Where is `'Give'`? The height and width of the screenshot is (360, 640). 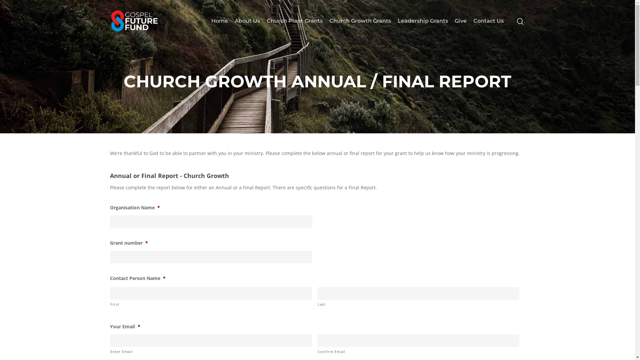
'Give' is located at coordinates (460, 20).